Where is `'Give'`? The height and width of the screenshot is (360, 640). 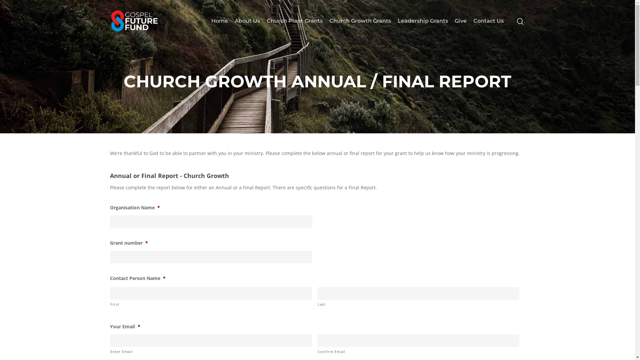
'Give' is located at coordinates (460, 20).